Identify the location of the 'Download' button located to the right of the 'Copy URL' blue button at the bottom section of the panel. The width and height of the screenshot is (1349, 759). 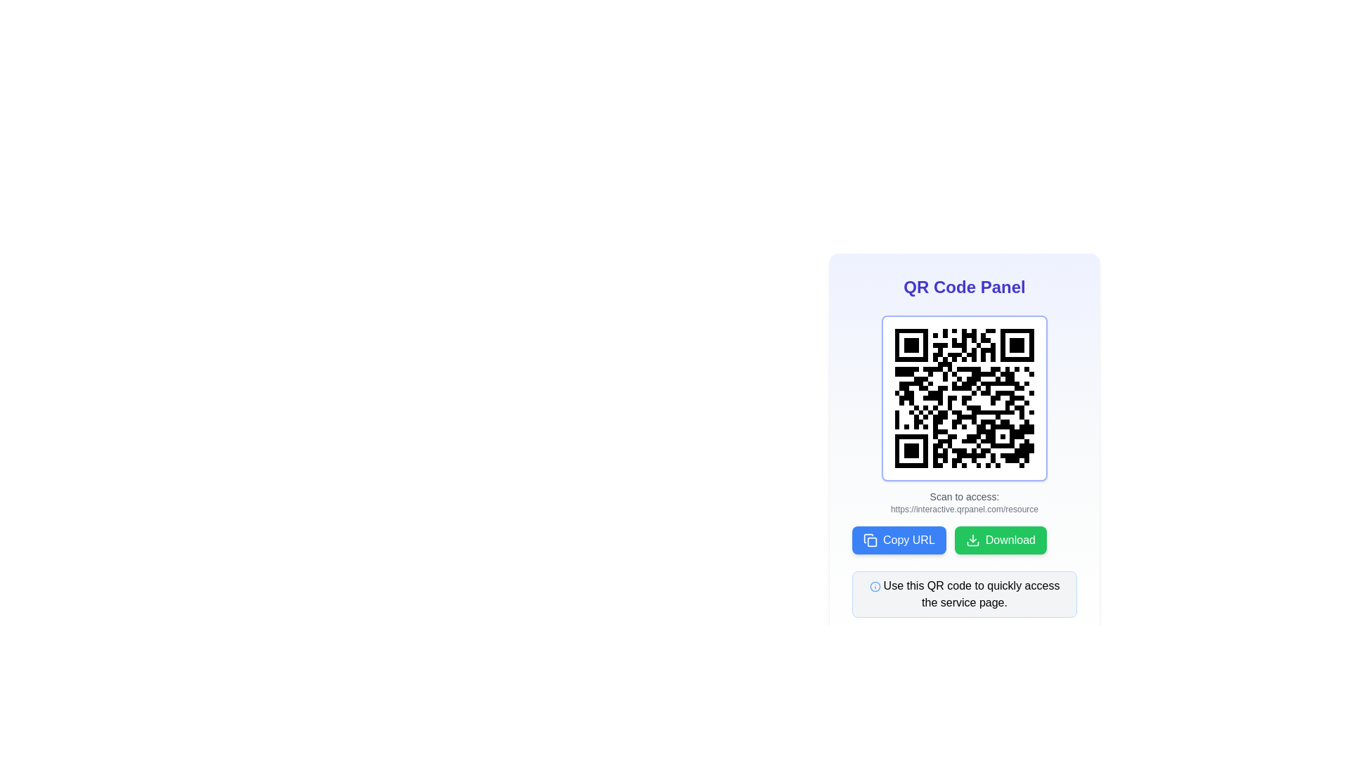
(963, 539).